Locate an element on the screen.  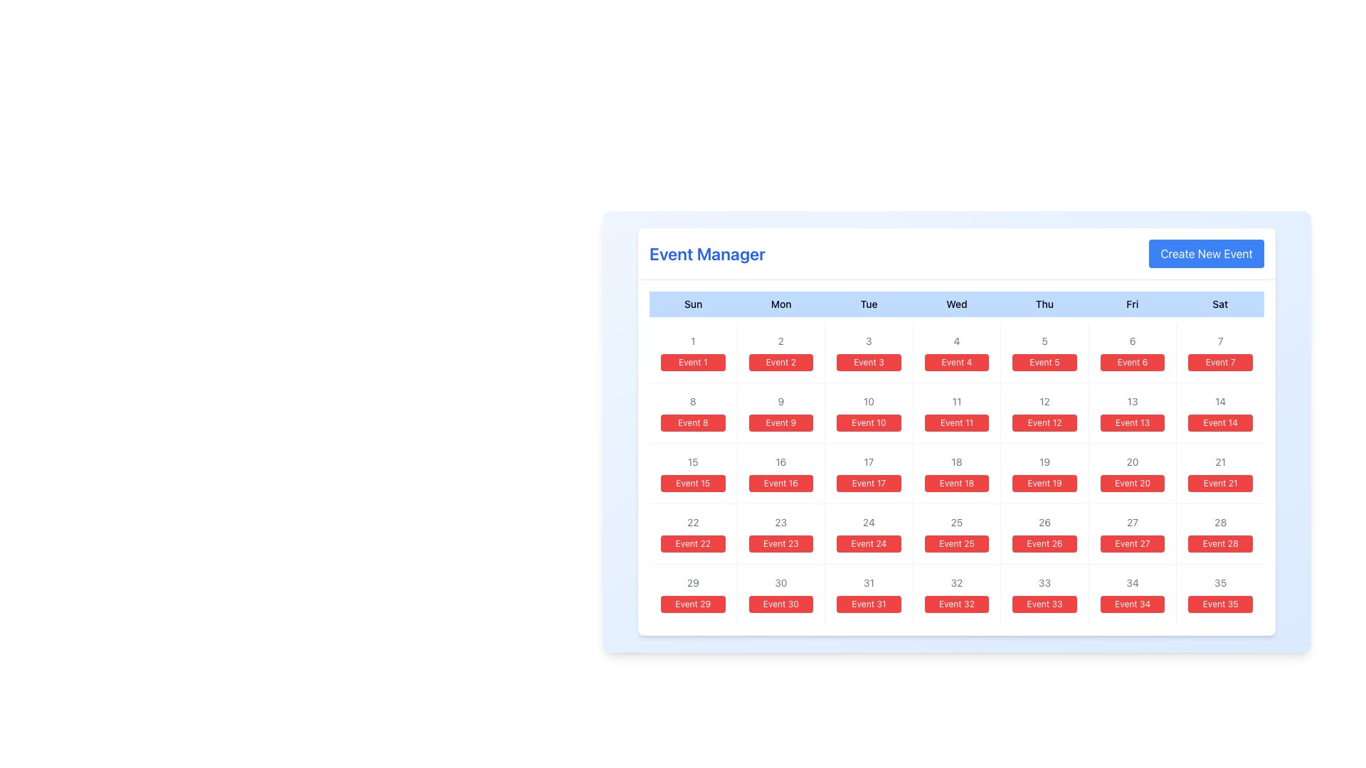
the rectangular button with a red background and white text labeled 'Event 8', located in the second row and first column of the calendar layout is located at coordinates (693, 413).